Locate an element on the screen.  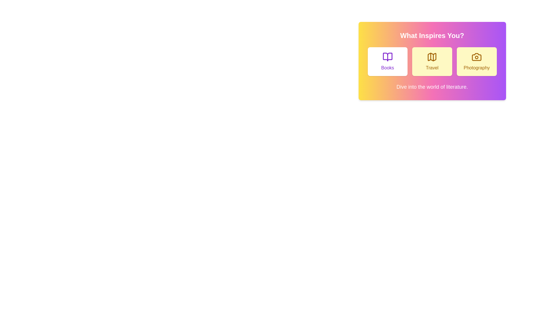
the button corresponding to the experience Photography is located at coordinates (477, 61).